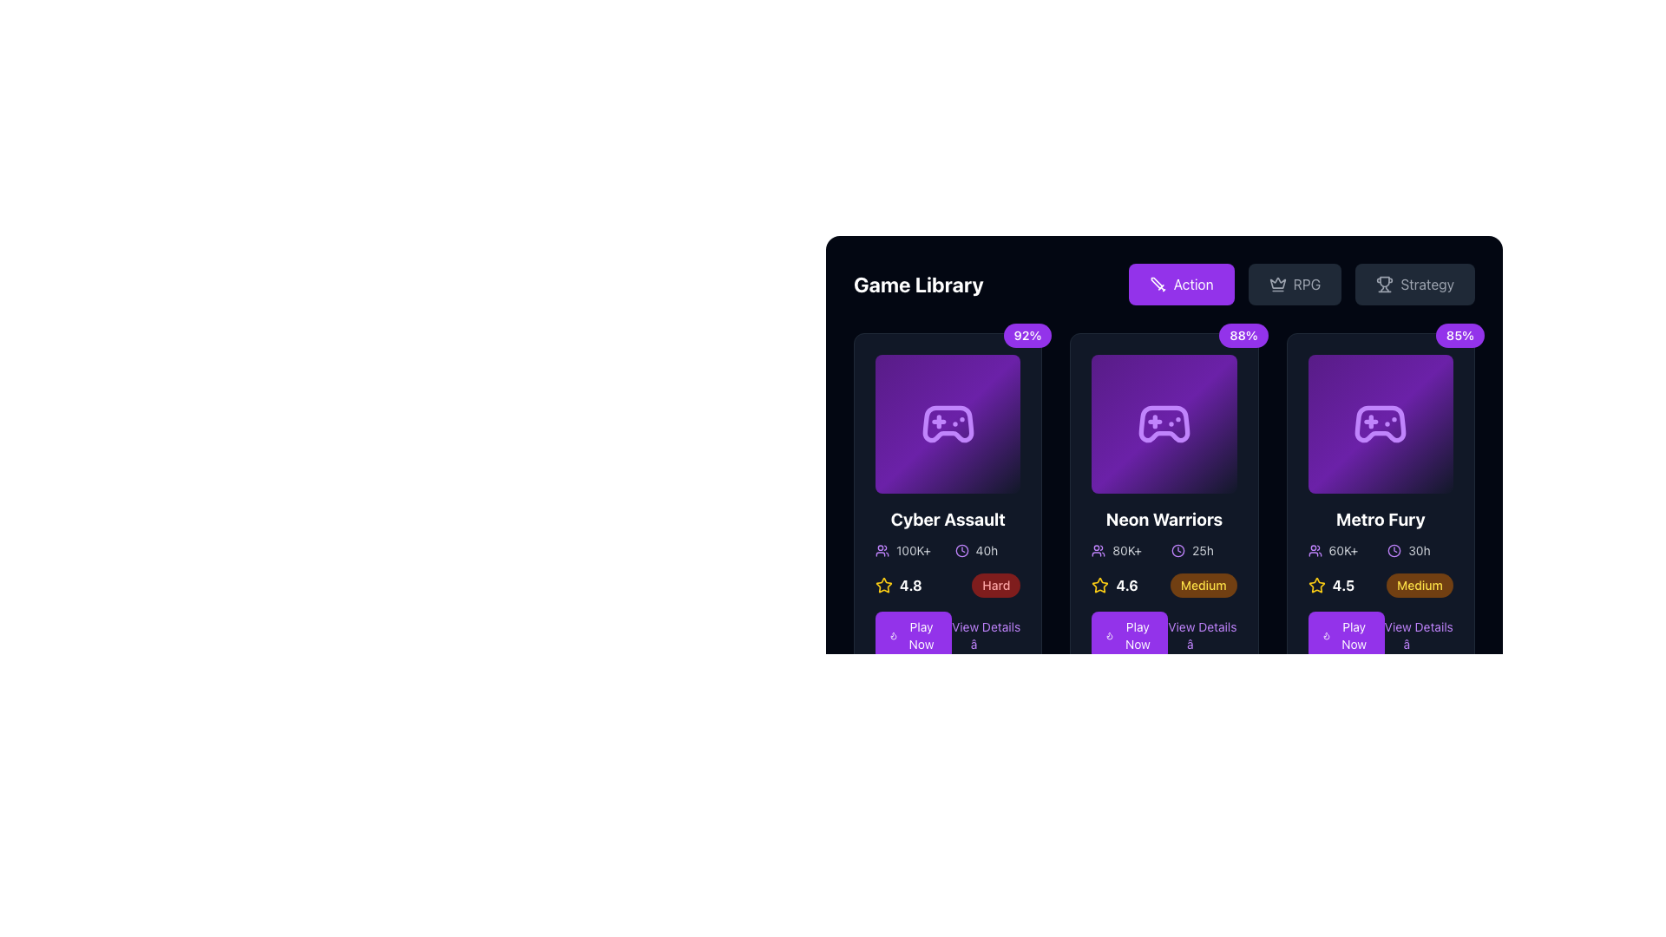 Image resolution: width=1666 pixels, height=937 pixels. I want to click on the circular outline of the clock icon, which serves as the outer frame providing a visual boundary for the clock representation, so click(1178, 551).